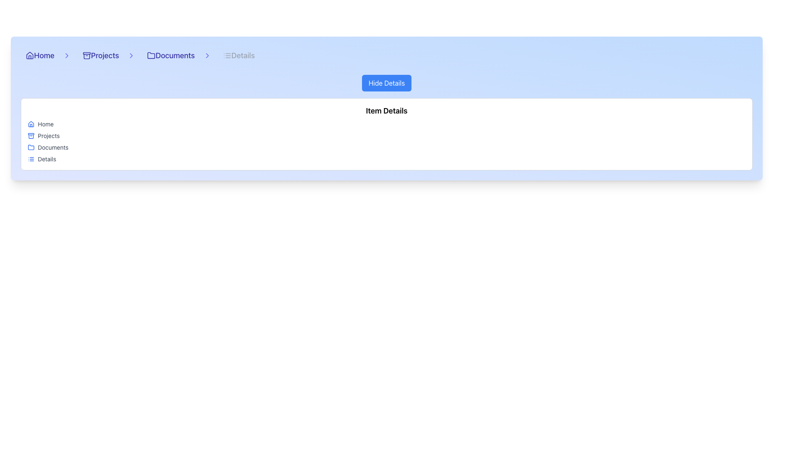 The width and height of the screenshot is (798, 449). I want to click on the 'Home' icon located at the beginning of the breadcrumb navigation bar, so click(30, 56).